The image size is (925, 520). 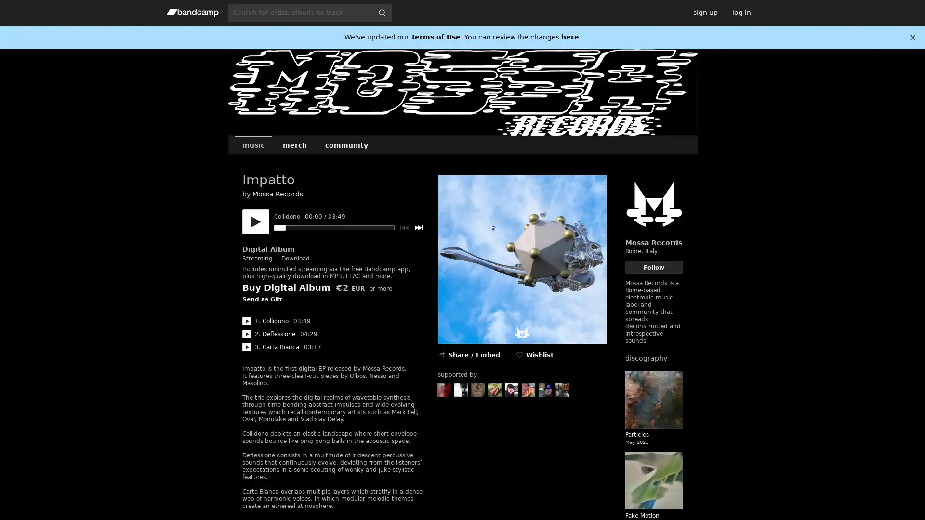 I want to click on Digital Album, so click(x=268, y=248).